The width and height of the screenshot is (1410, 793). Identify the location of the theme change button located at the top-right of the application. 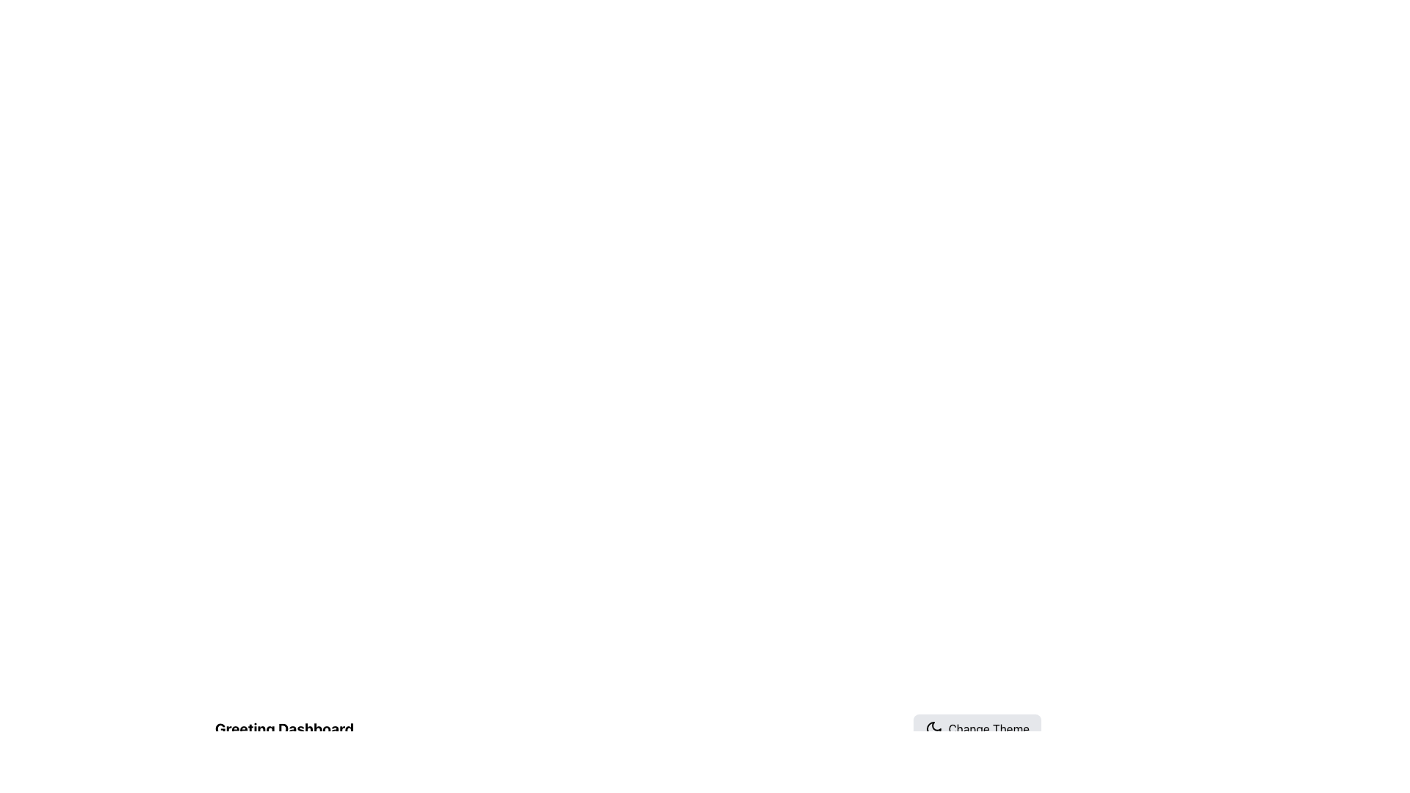
(977, 728).